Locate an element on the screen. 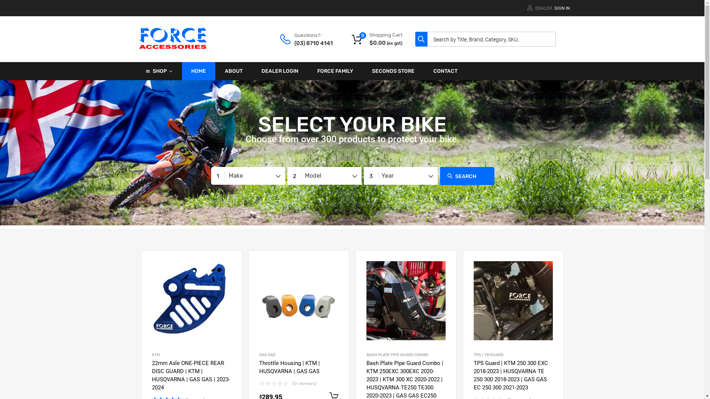 The height and width of the screenshot is (399, 710). 'SIGN IN' is located at coordinates (561, 8).